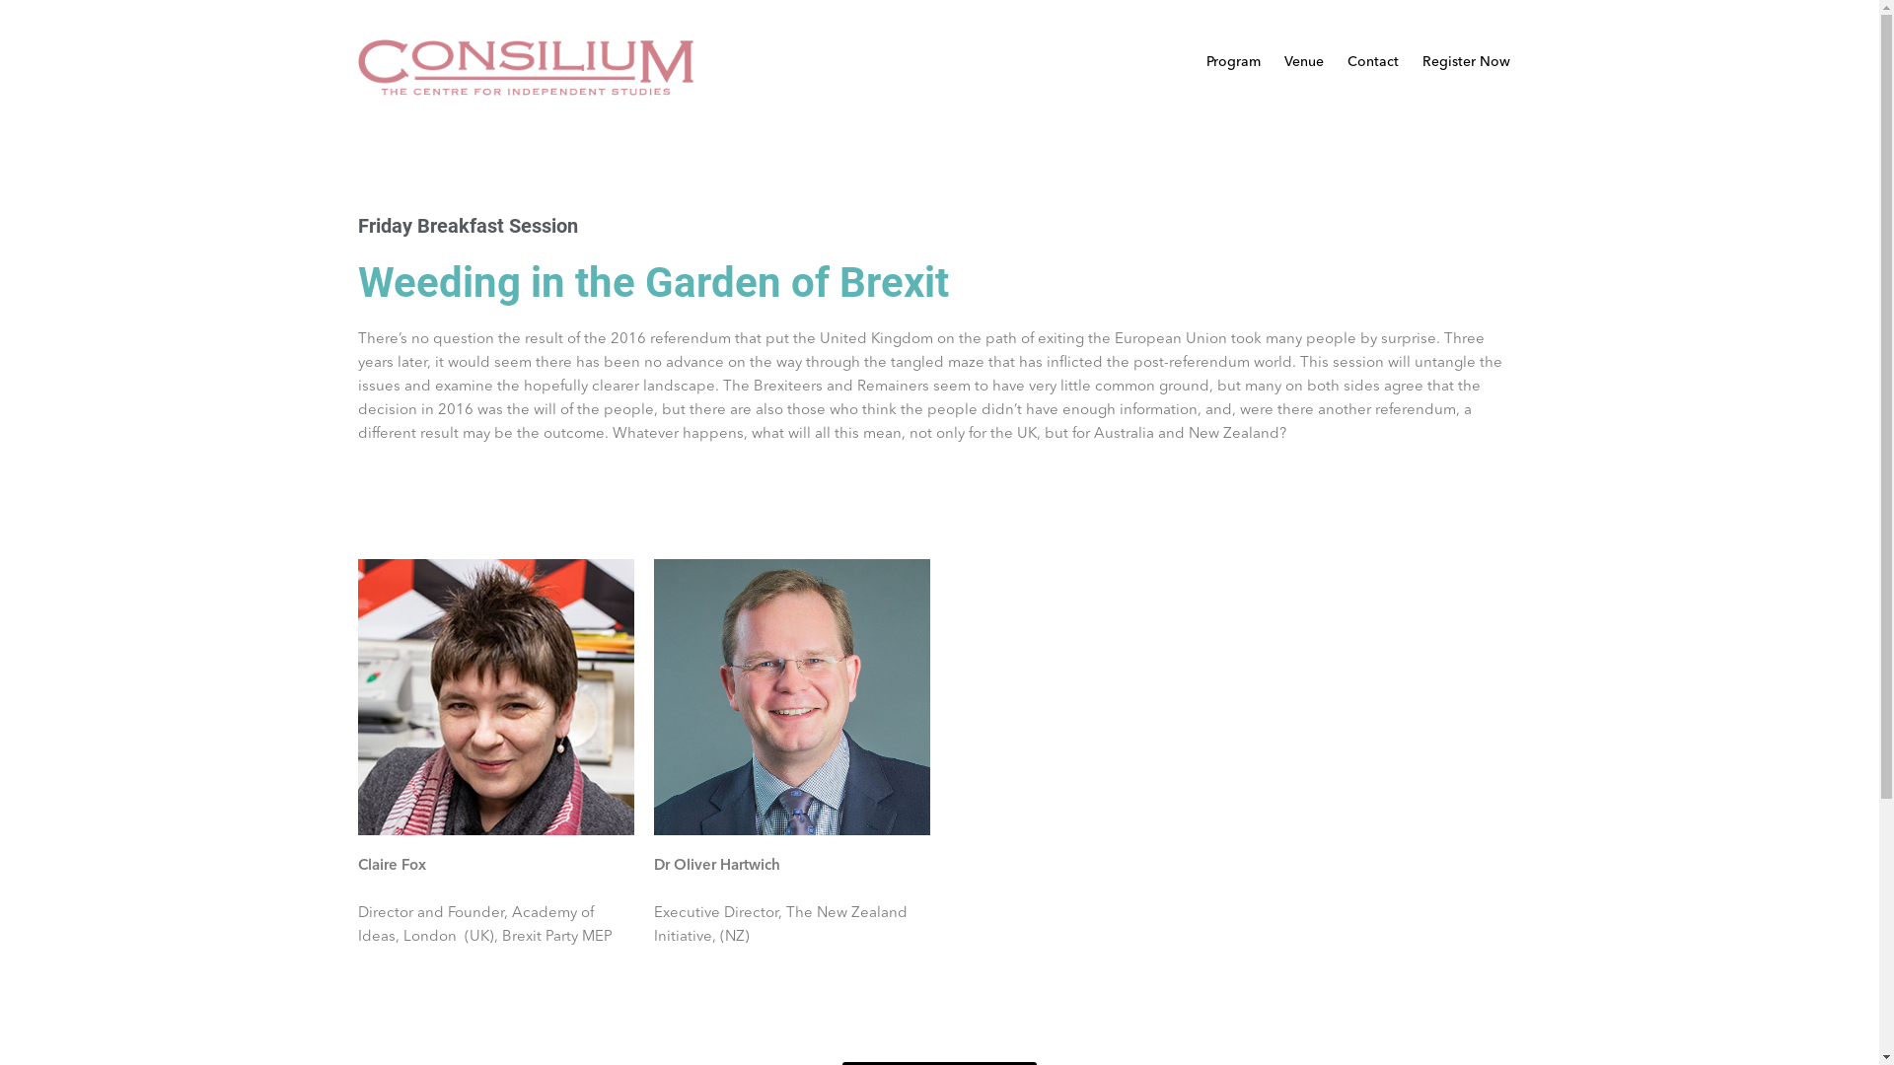 The height and width of the screenshot is (1065, 1894). Describe the element at coordinates (1372, 60) in the screenshot. I see `'Contact'` at that location.